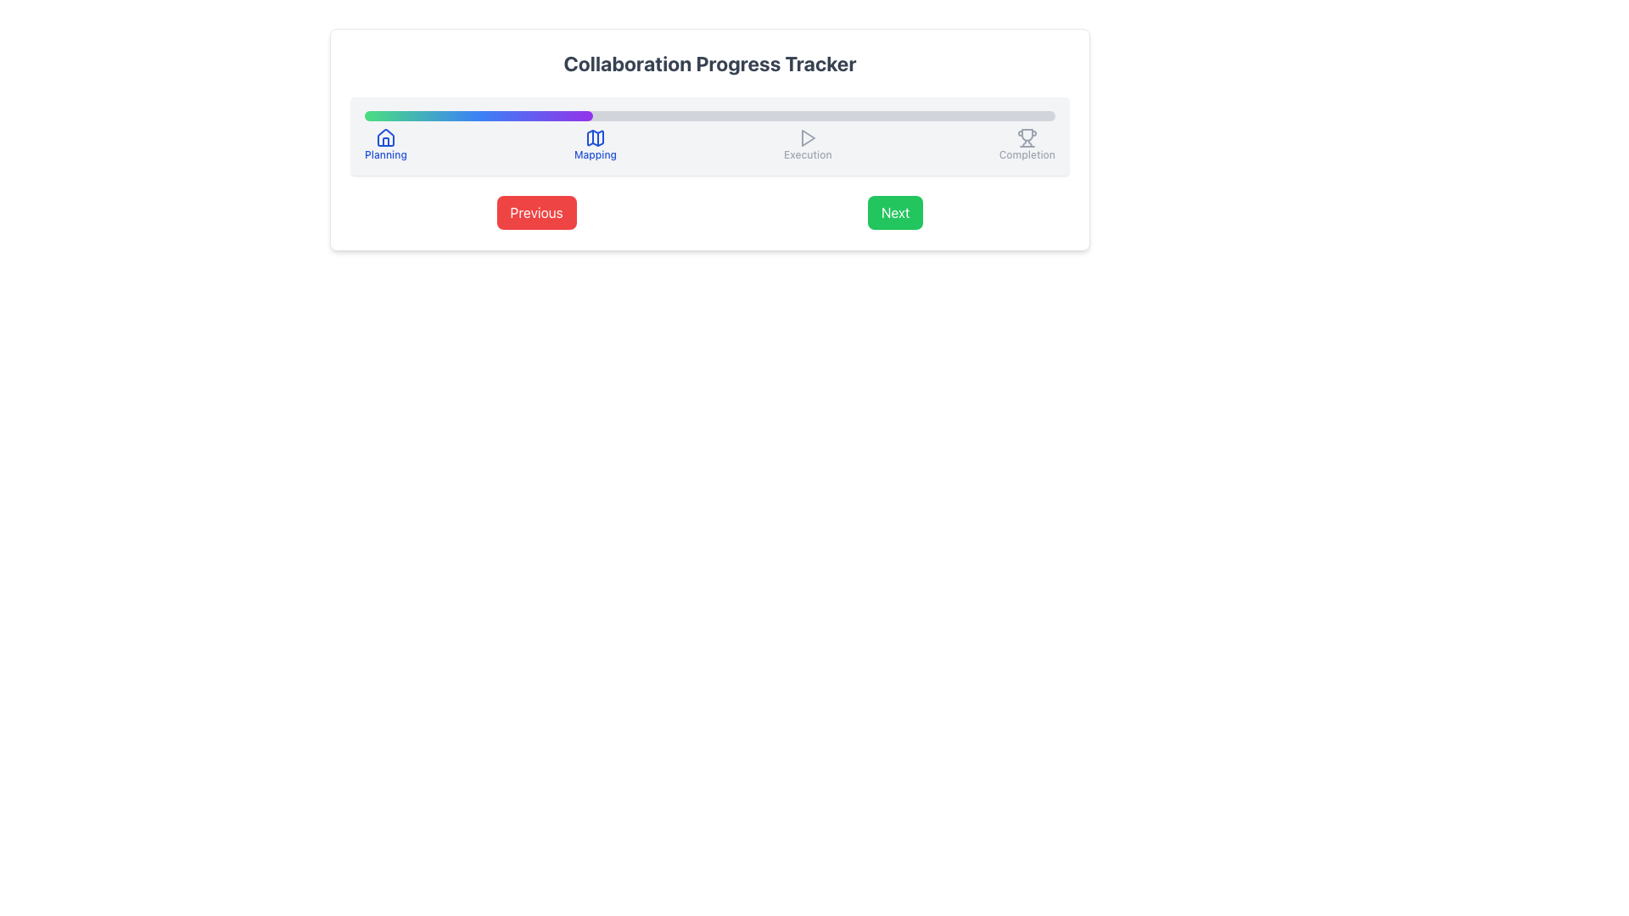 This screenshot has height=916, width=1629. Describe the element at coordinates (807, 154) in the screenshot. I see `the label reading 'Execution' which is styled in light gray font and is part of the 'Collaboration Progress Tracker'. It is the third label beneath the progress bar, located between 'Mapping' and 'Completion'` at that location.